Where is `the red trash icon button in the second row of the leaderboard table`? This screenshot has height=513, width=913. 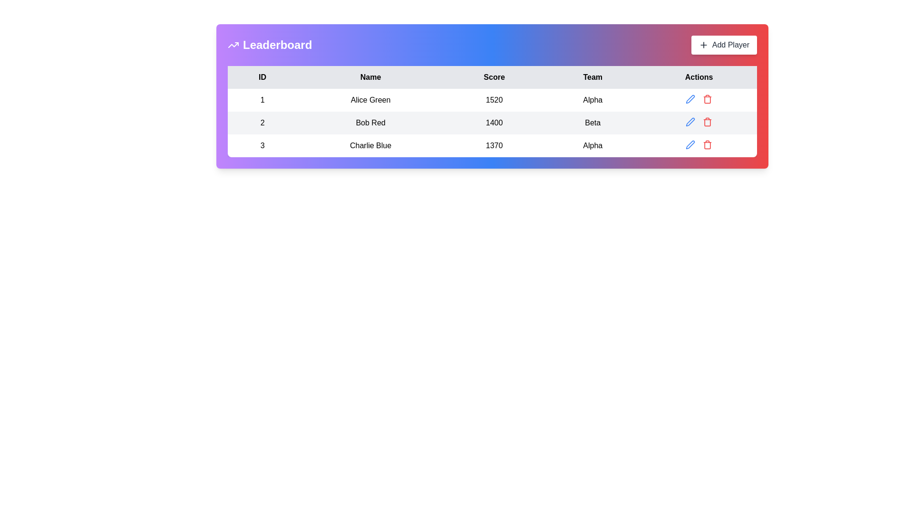 the red trash icon button in the second row of the leaderboard table is located at coordinates (708, 122).